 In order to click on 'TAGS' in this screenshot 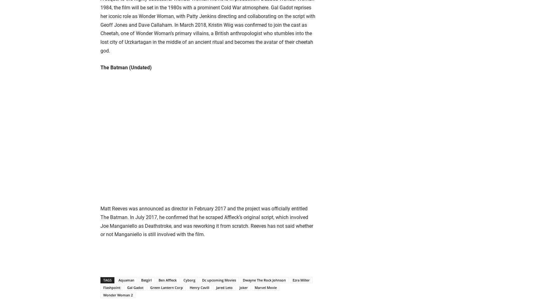, I will do `click(107, 280)`.